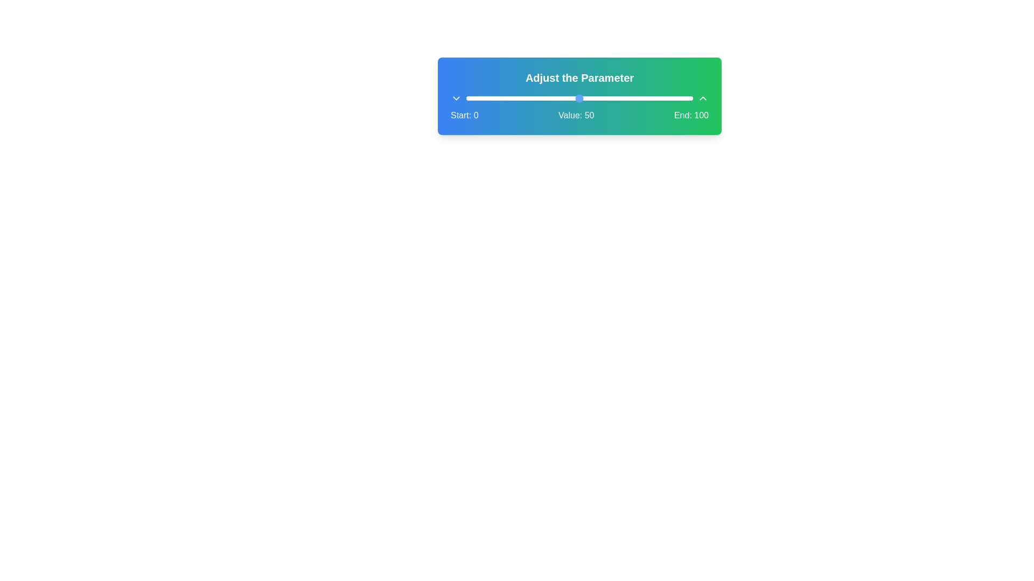 The height and width of the screenshot is (581, 1034). I want to click on the parameter, so click(523, 98).